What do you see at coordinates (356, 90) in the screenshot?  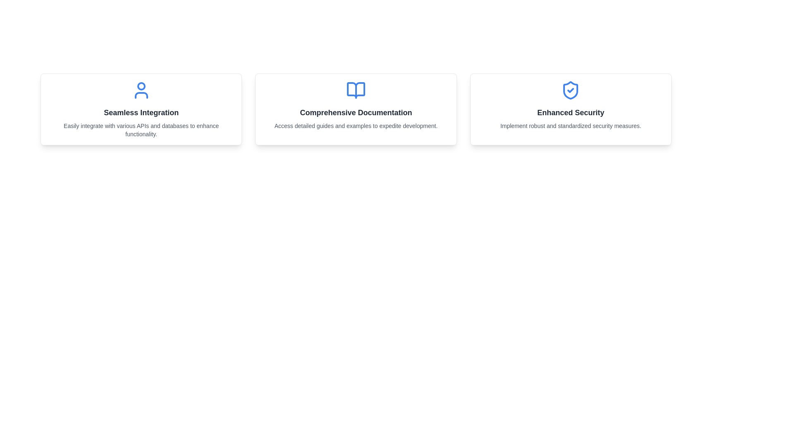 I see `the documentation icon located at the top section of the central card, above the title 'Comprehensive Documentation'` at bounding box center [356, 90].